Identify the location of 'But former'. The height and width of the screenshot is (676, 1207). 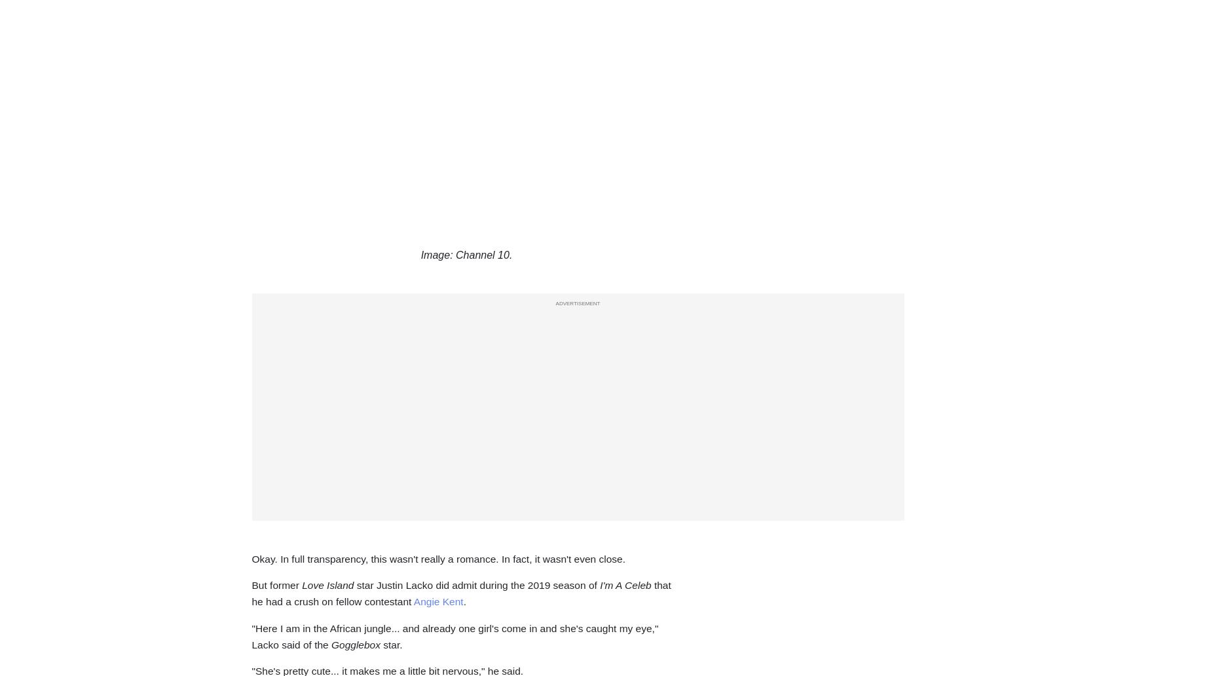
(276, 585).